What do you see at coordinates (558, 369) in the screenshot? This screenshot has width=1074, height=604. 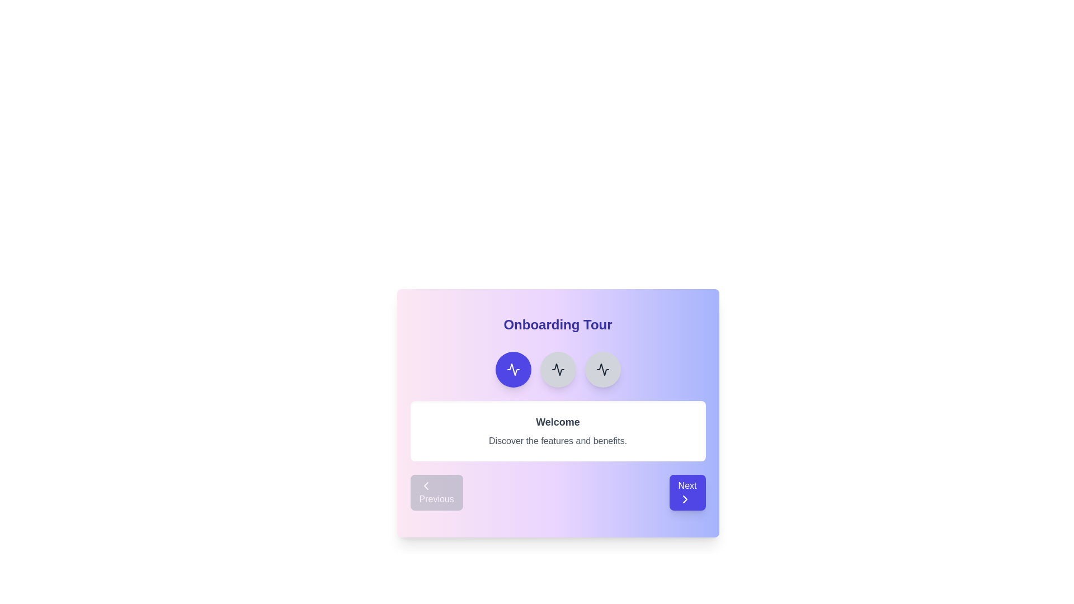 I see `the second circular button within the 'Onboarding Tour' card` at bounding box center [558, 369].